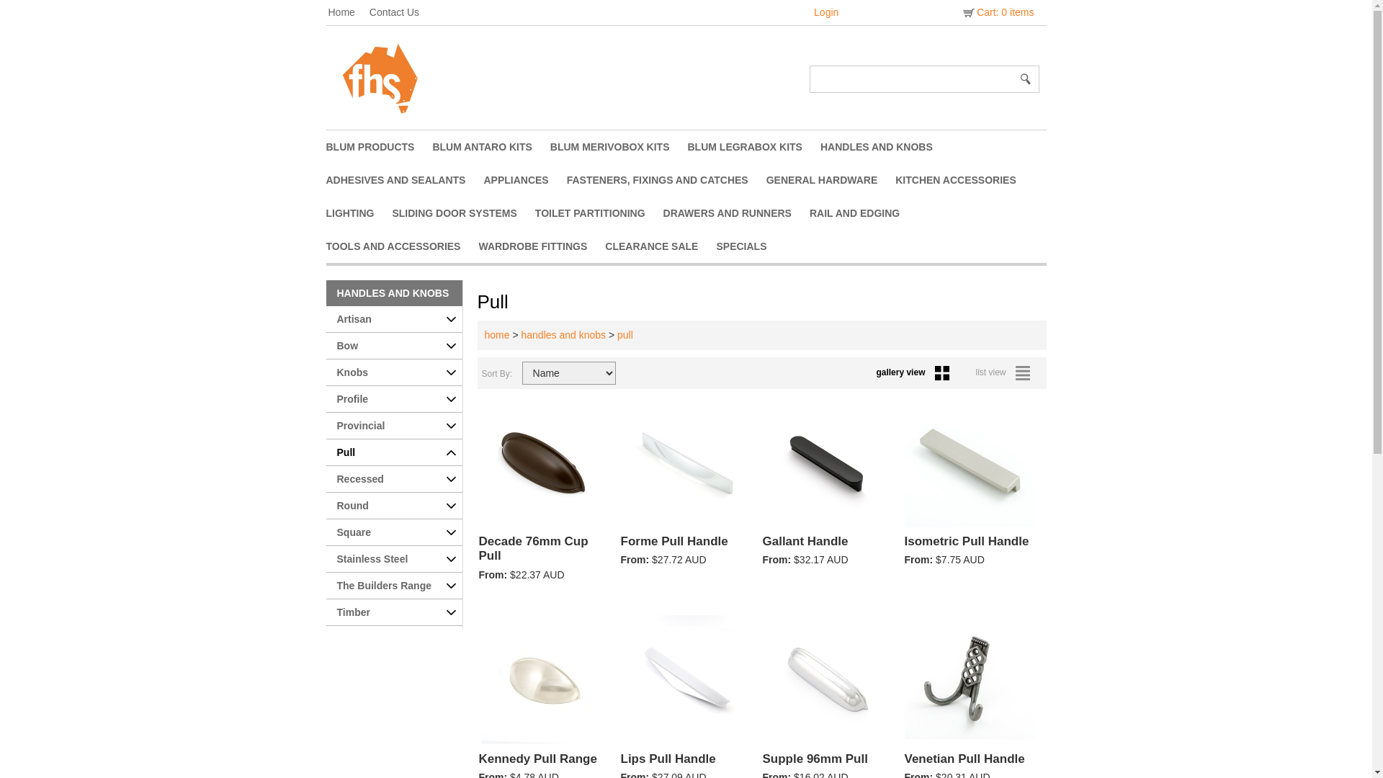 This screenshot has width=1383, height=778. I want to click on 'LIGHTING', so click(359, 213).